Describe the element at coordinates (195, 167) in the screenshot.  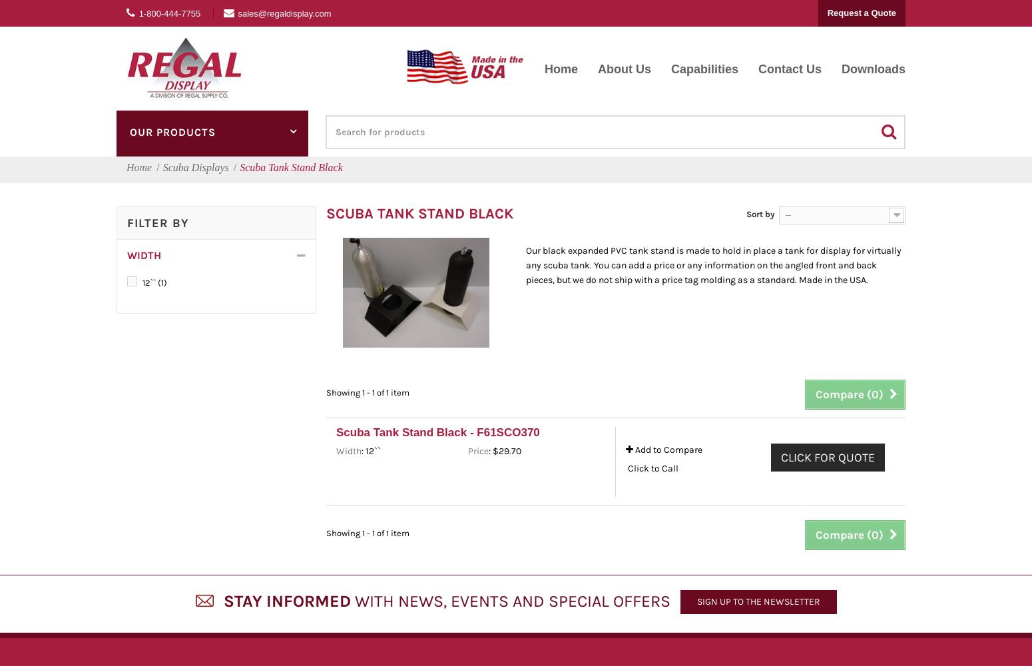
I see `'Scuba Displays'` at that location.